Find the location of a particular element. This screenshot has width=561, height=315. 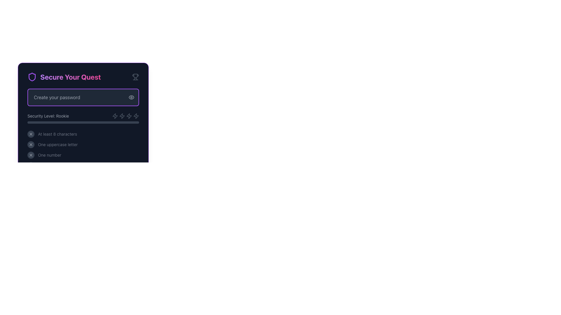

the close or cancel icon located in the bottom-left corner of the application's interface, which has a circular gray background is located at coordinates (30, 165).